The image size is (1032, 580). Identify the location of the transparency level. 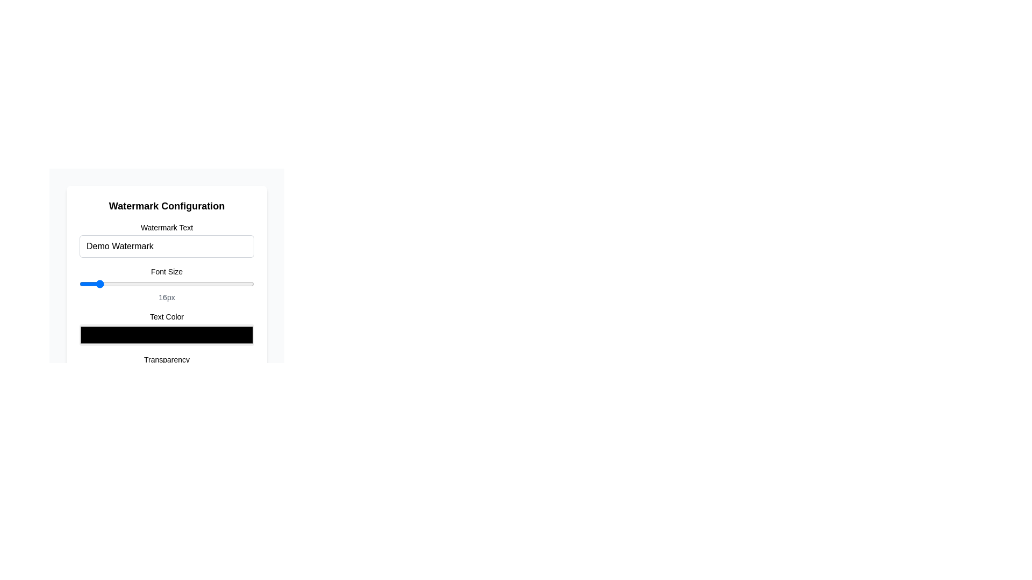
(79, 372).